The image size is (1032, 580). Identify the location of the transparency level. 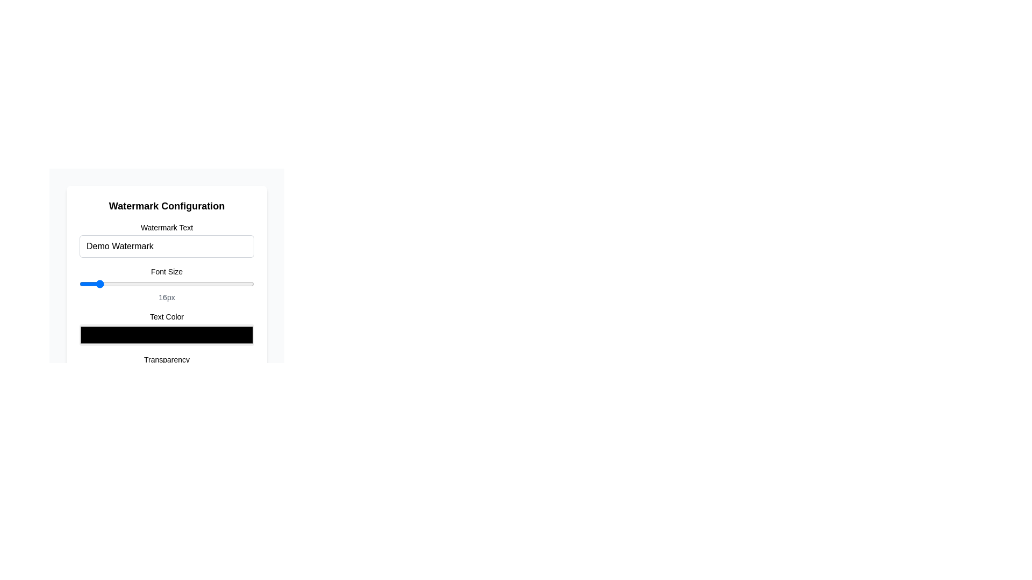
(79, 372).